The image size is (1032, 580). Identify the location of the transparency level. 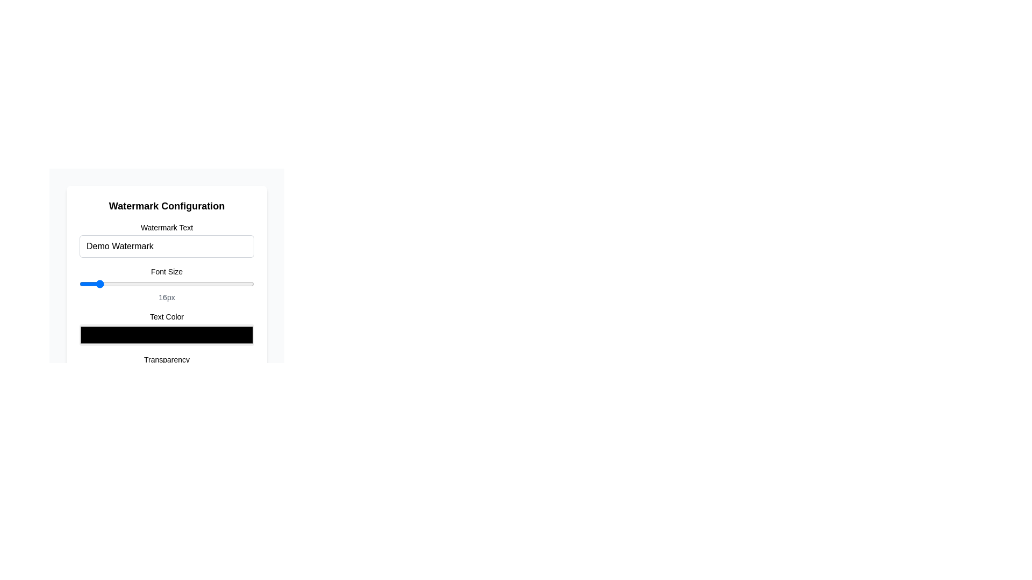
(79, 372).